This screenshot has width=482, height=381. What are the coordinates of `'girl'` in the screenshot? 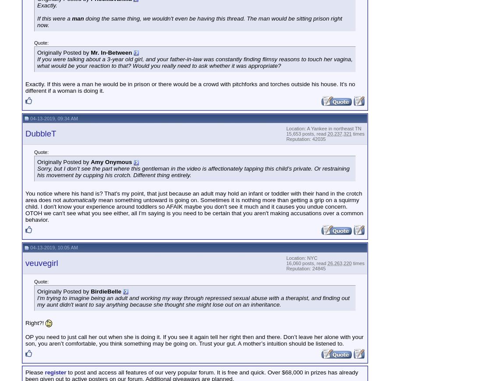 It's located at (138, 58).